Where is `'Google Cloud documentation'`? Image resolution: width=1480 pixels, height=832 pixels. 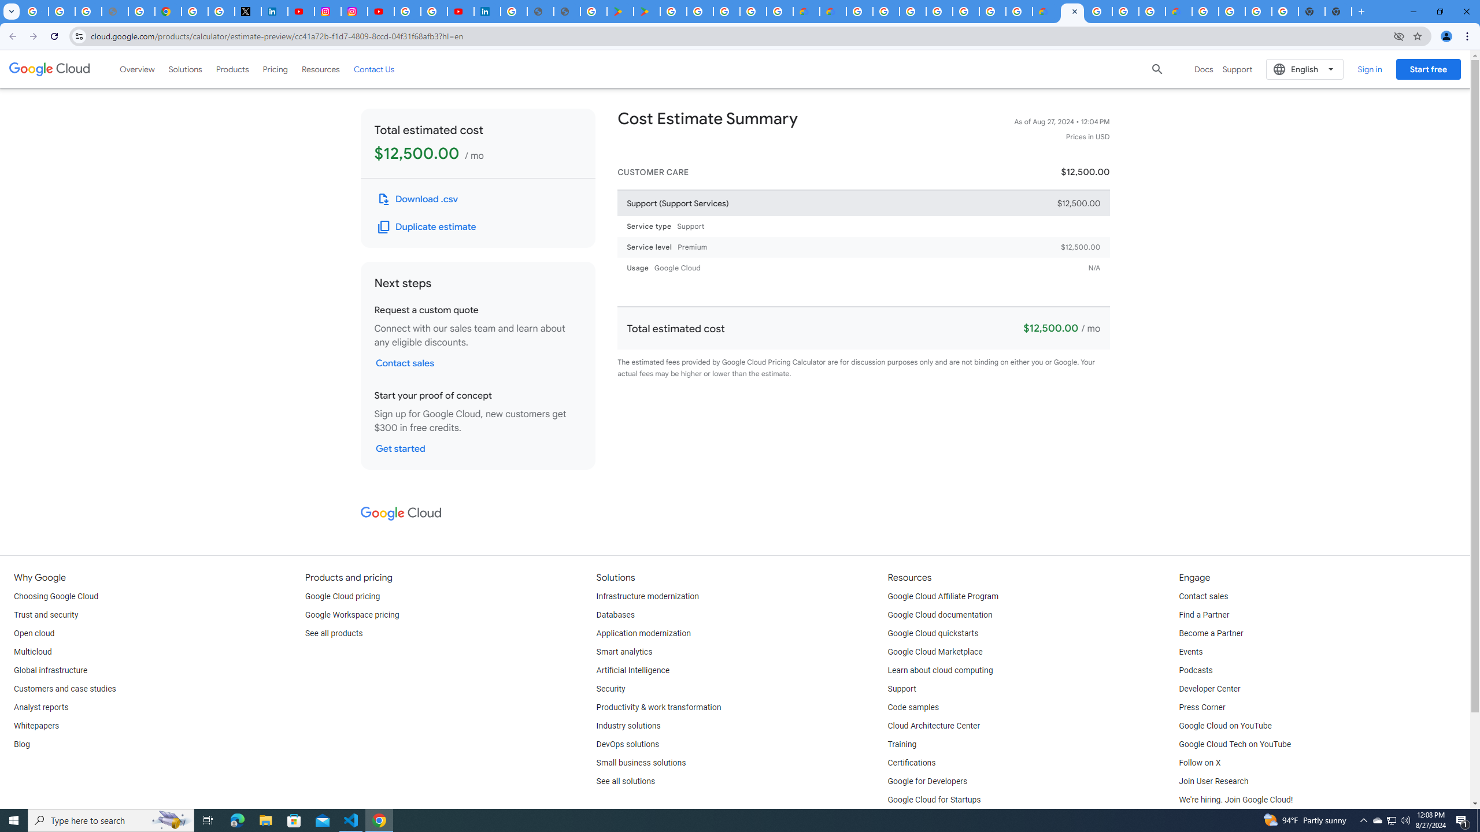
'Google Cloud documentation' is located at coordinates (940, 615).